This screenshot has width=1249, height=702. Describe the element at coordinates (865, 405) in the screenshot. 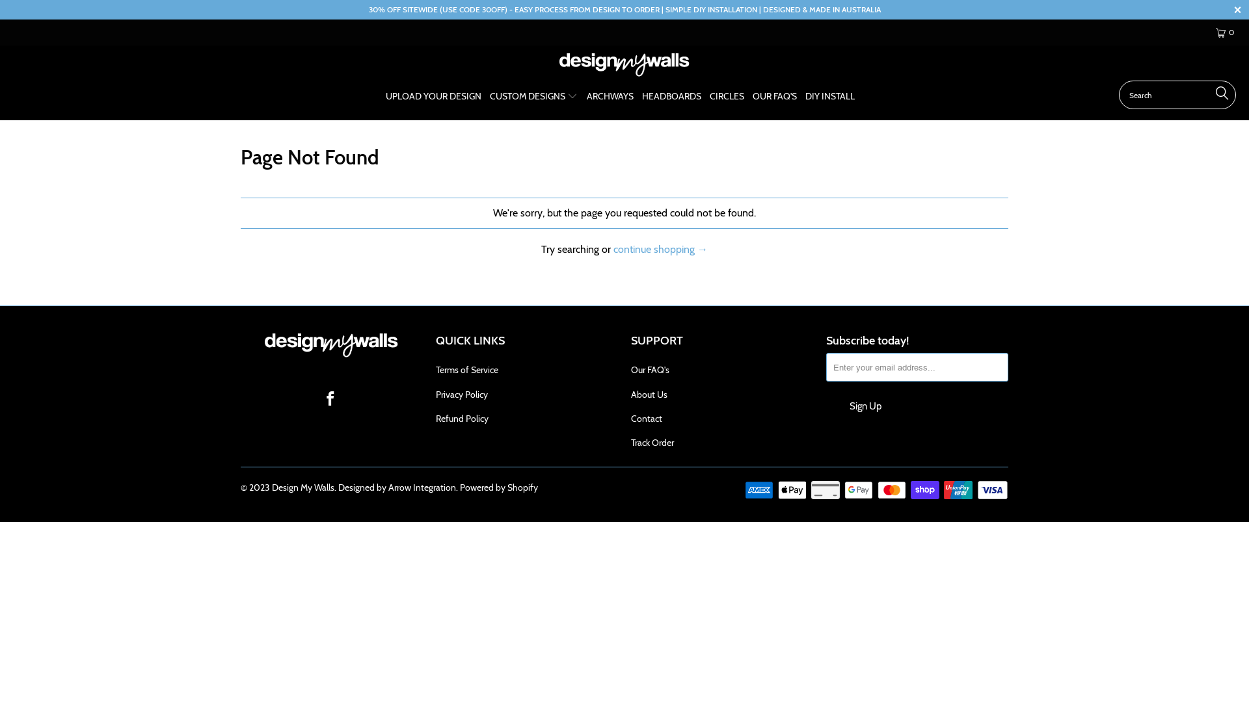

I see `'Sign Up'` at that location.